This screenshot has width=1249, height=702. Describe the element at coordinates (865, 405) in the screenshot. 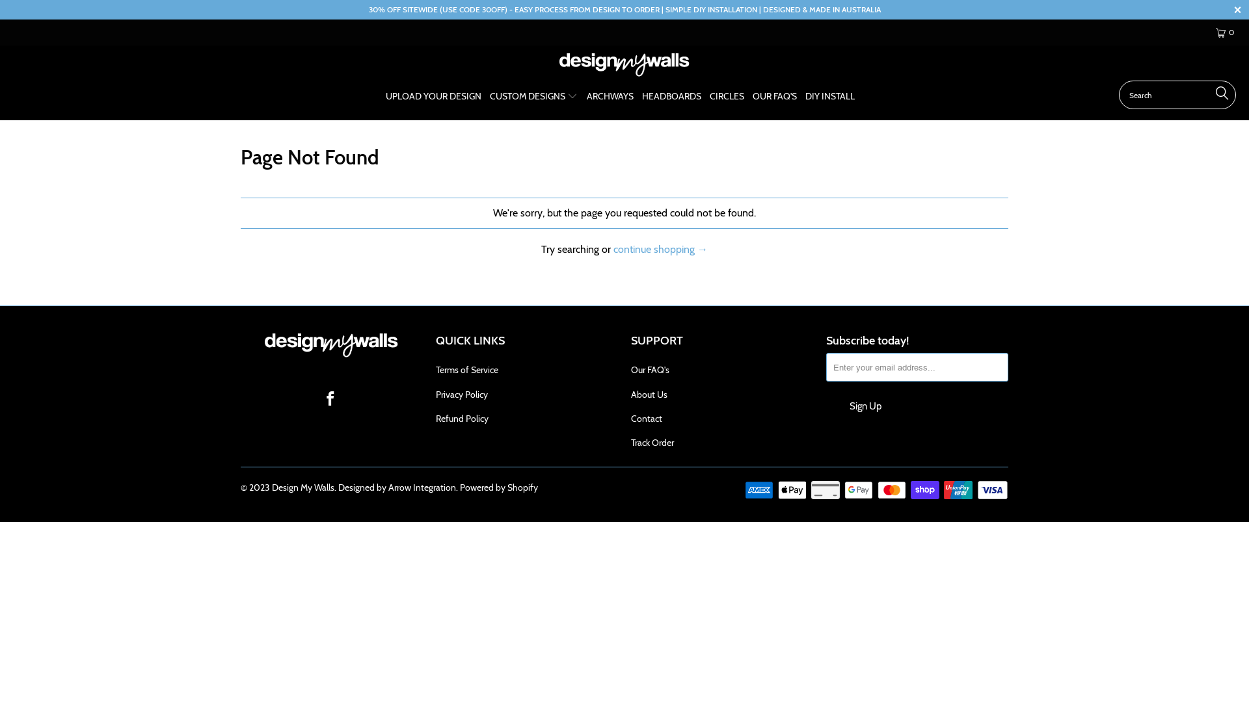

I see `'Sign Up'` at that location.